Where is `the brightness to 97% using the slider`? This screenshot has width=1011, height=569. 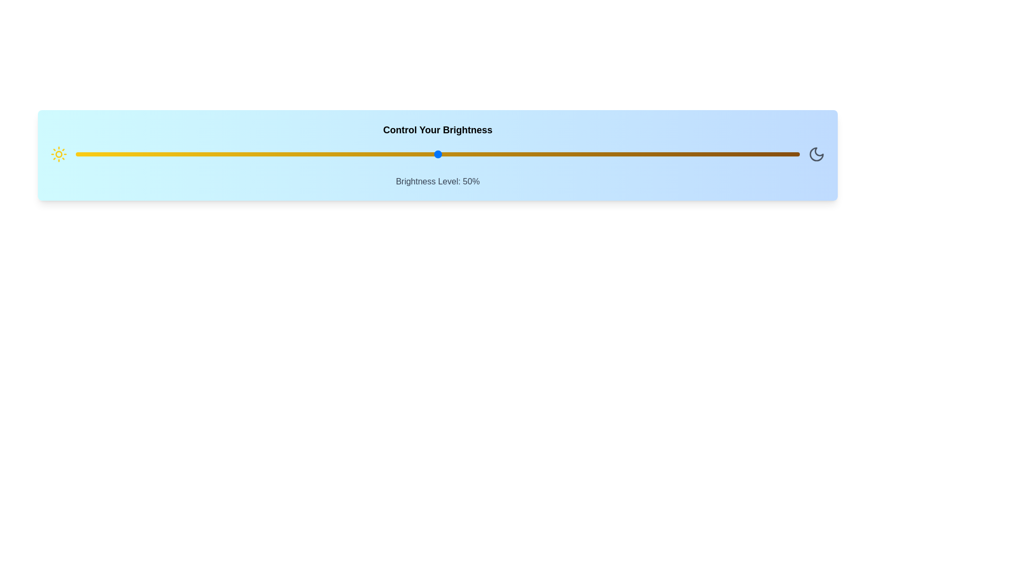 the brightness to 97% using the slider is located at coordinates (778, 154).